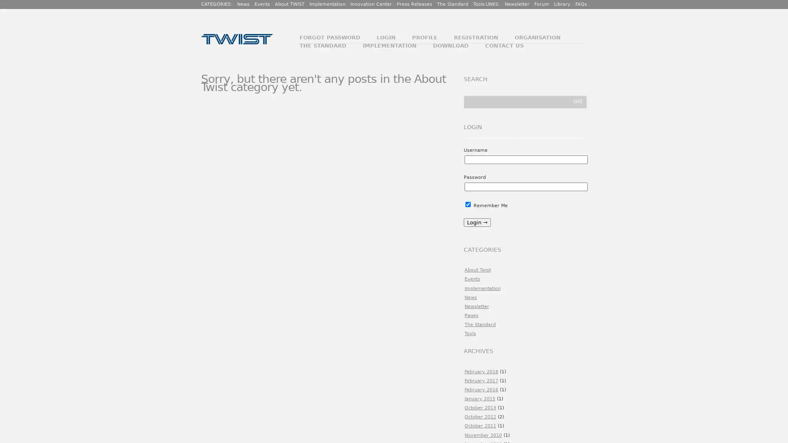 This screenshot has height=443, width=788. Describe the element at coordinates (477, 222) in the screenshot. I see `Login` at that location.